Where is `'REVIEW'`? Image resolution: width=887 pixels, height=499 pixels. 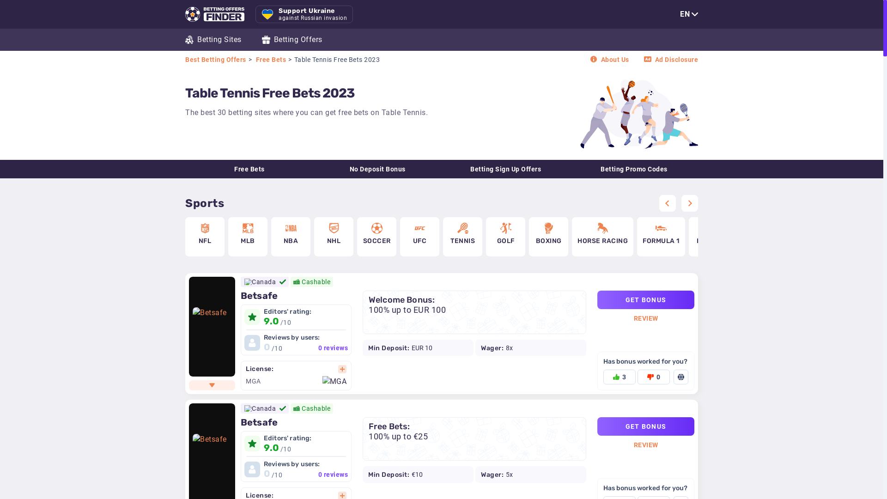
'REVIEW' is located at coordinates (633, 318).